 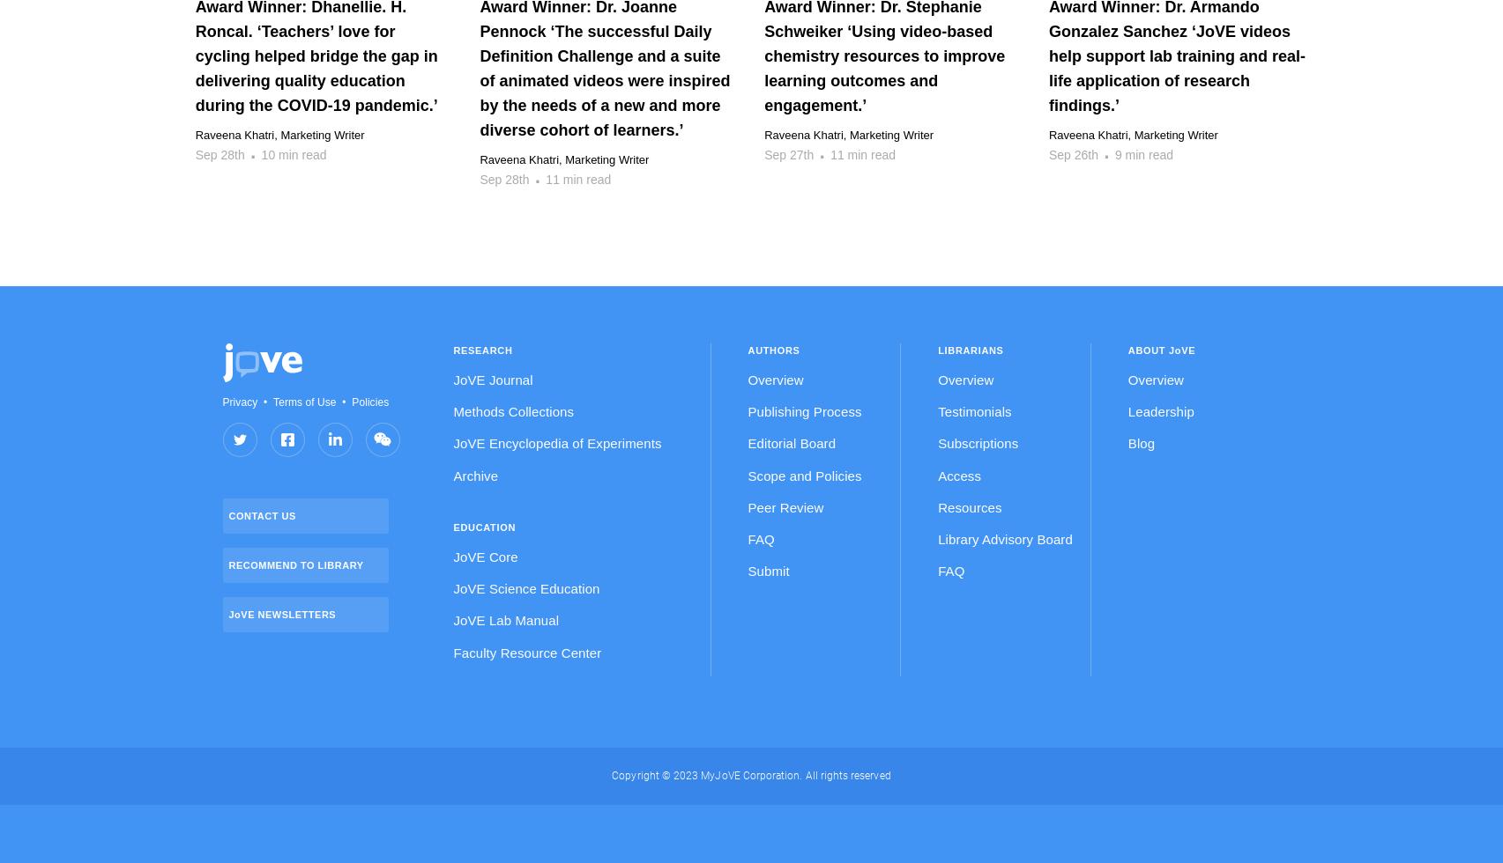 What do you see at coordinates (506, 620) in the screenshot?
I see `'JoVE Lab Manual'` at bounding box center [506, 620].